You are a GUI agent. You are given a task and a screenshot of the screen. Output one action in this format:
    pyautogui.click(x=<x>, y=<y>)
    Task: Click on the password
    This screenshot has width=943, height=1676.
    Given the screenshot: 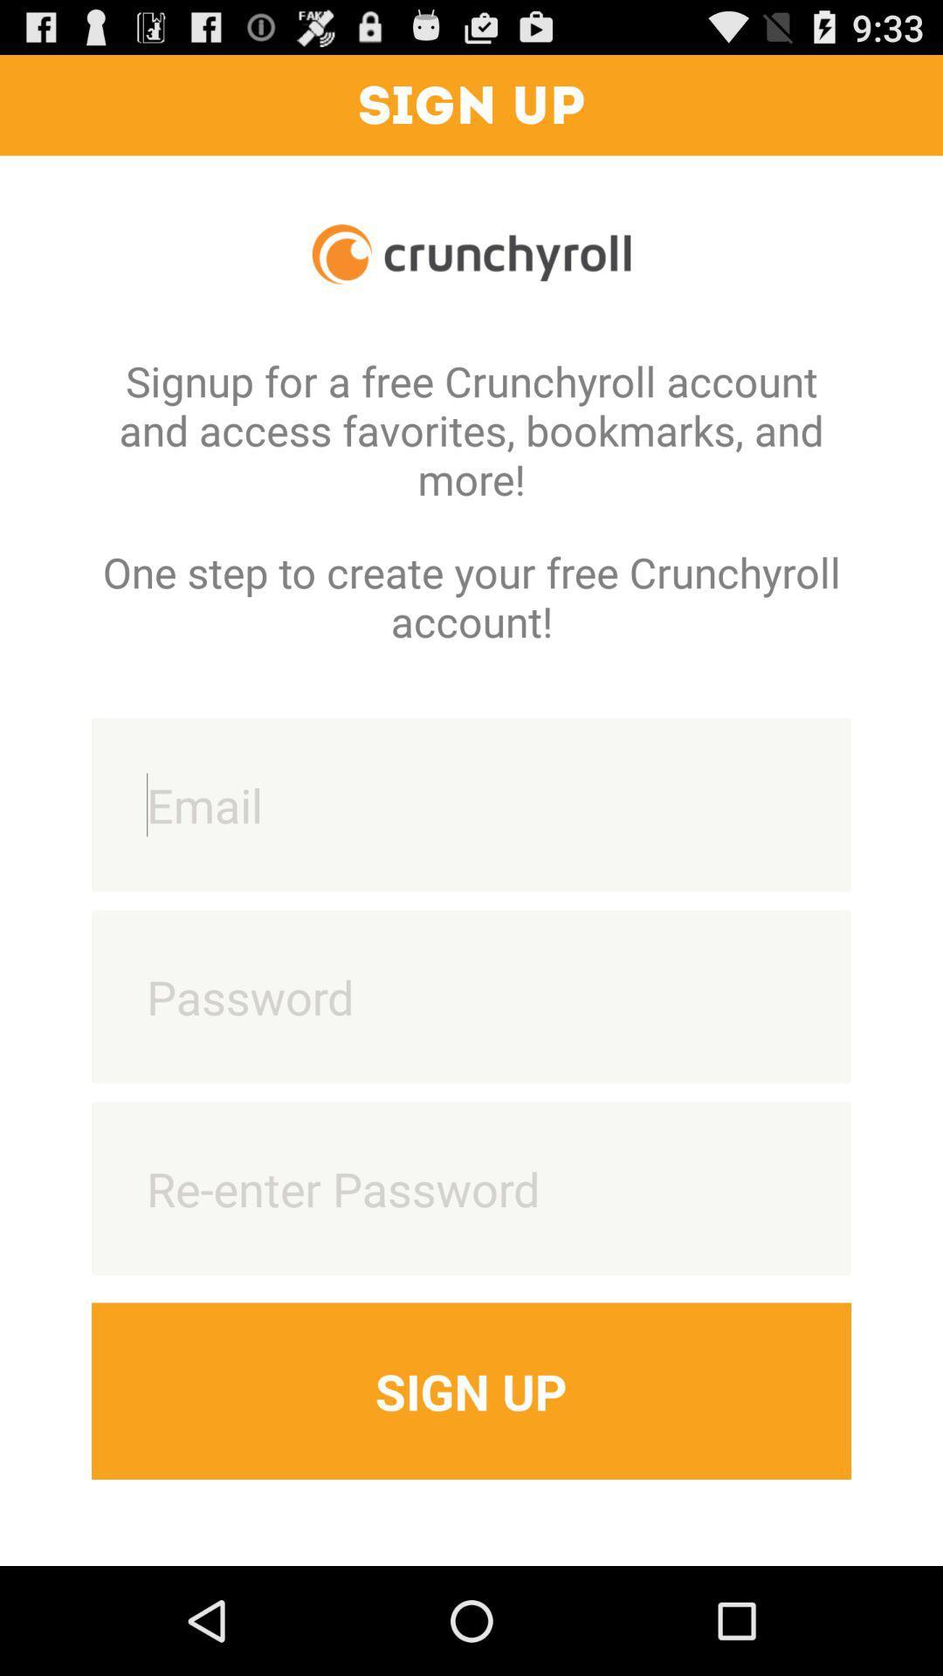 What is the action you would take?
    pyautogui.click(x=471, y=996)
    